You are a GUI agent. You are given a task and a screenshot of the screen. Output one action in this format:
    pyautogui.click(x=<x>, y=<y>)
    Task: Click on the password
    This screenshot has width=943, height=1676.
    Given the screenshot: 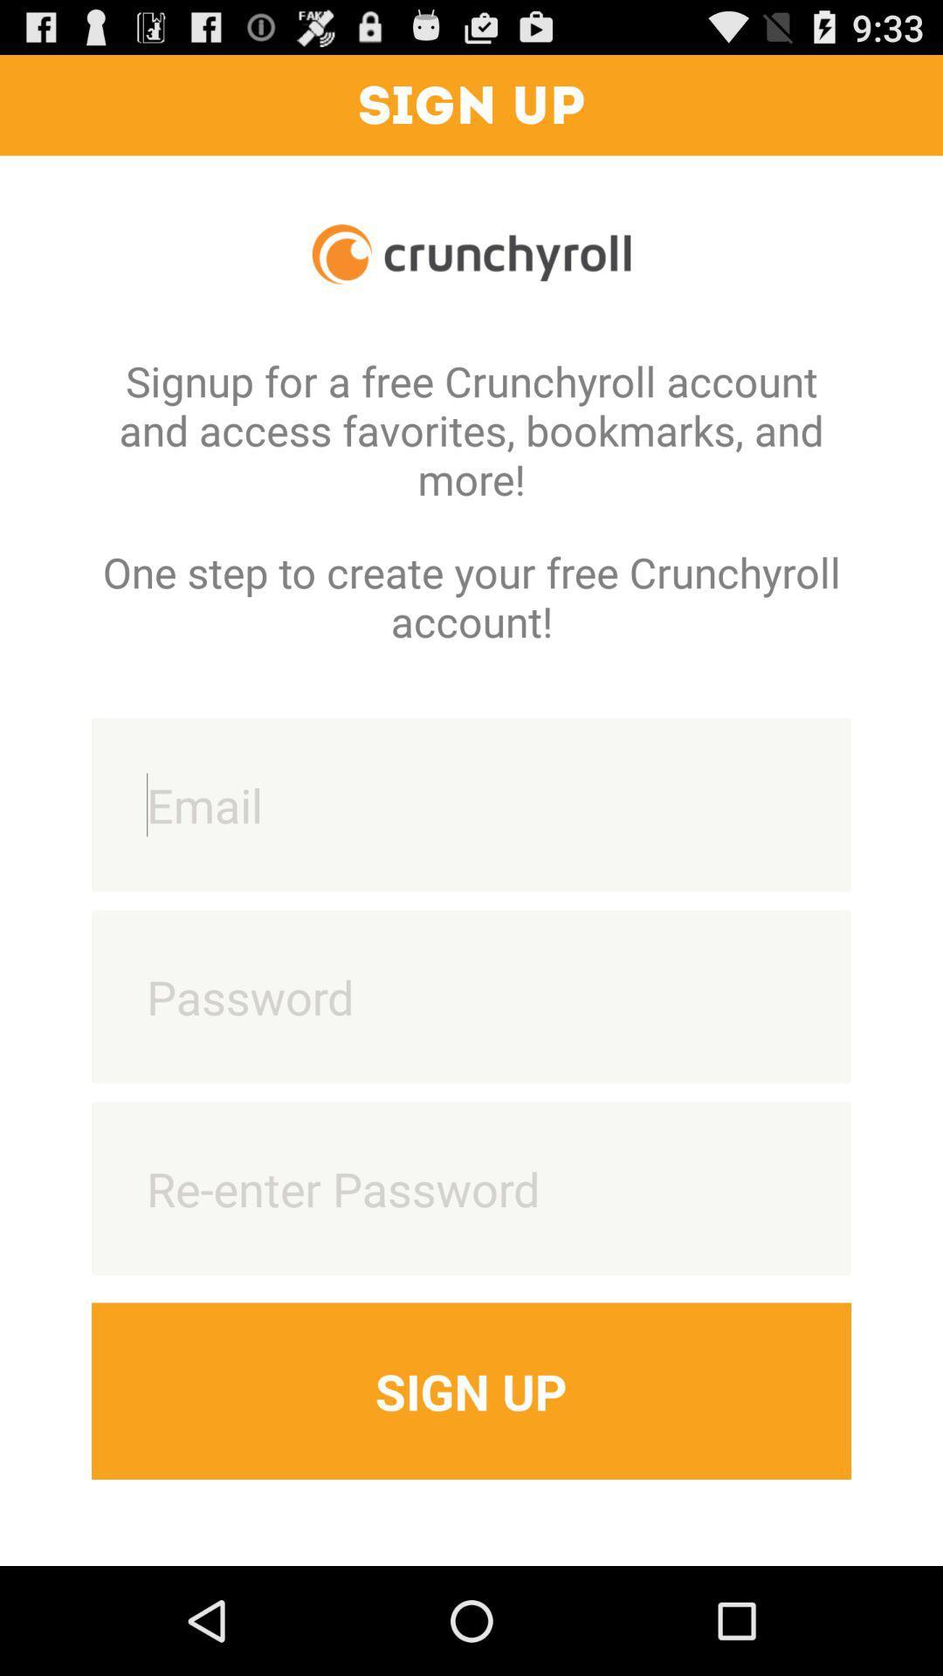 What is the action you would take?
    pyautogui.click(x=471, y=996)
    